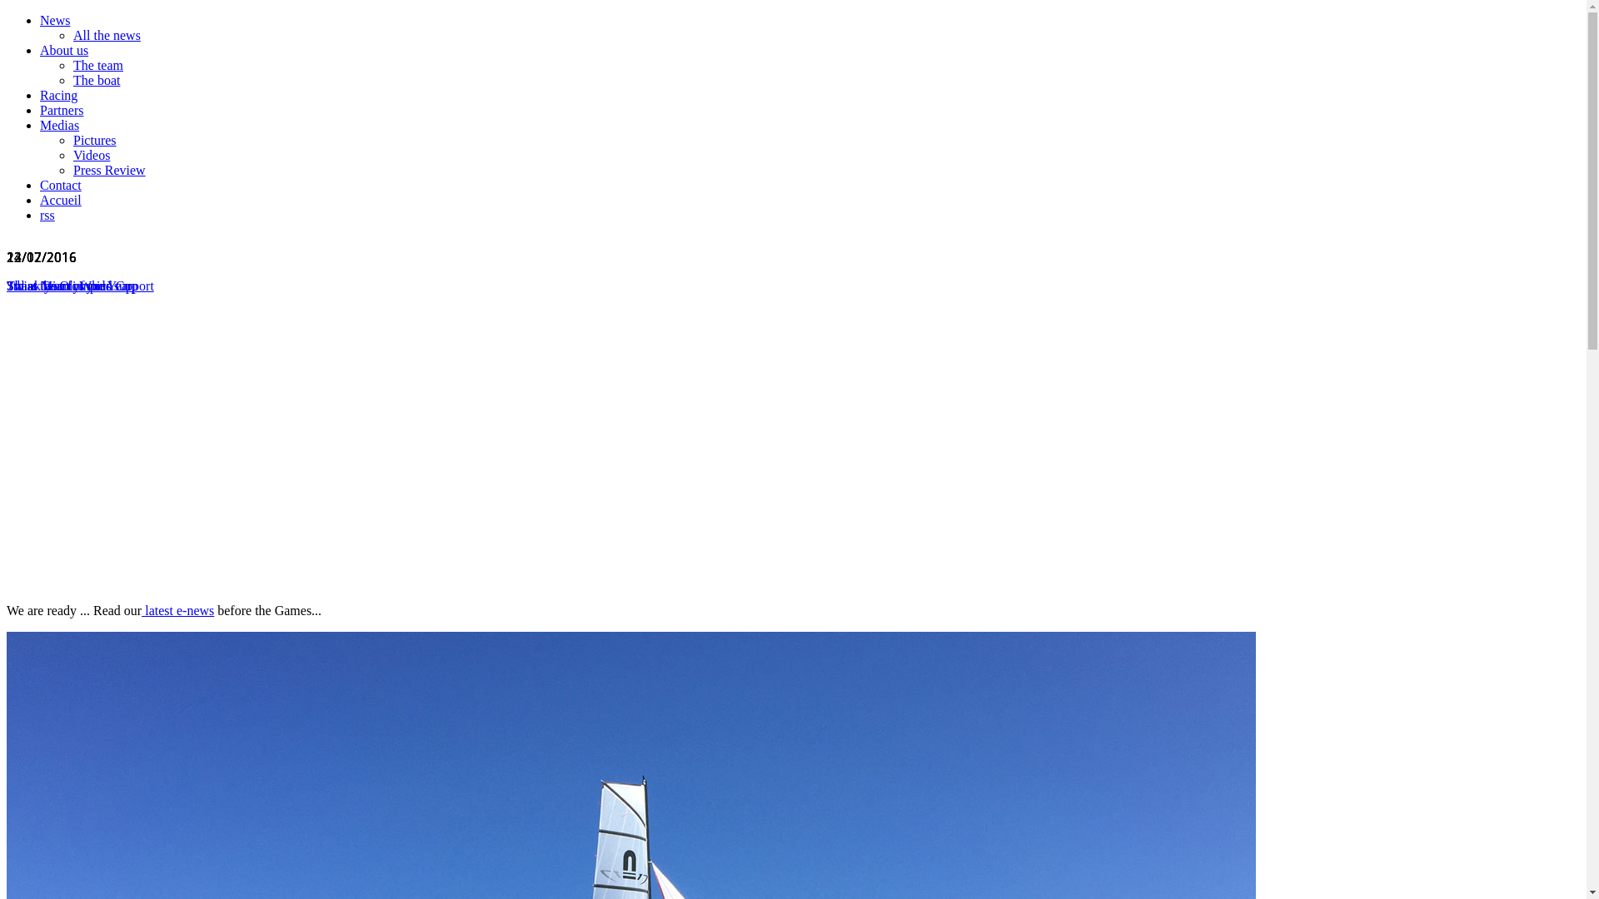  I want to click on 'About us', so click(40, 49).